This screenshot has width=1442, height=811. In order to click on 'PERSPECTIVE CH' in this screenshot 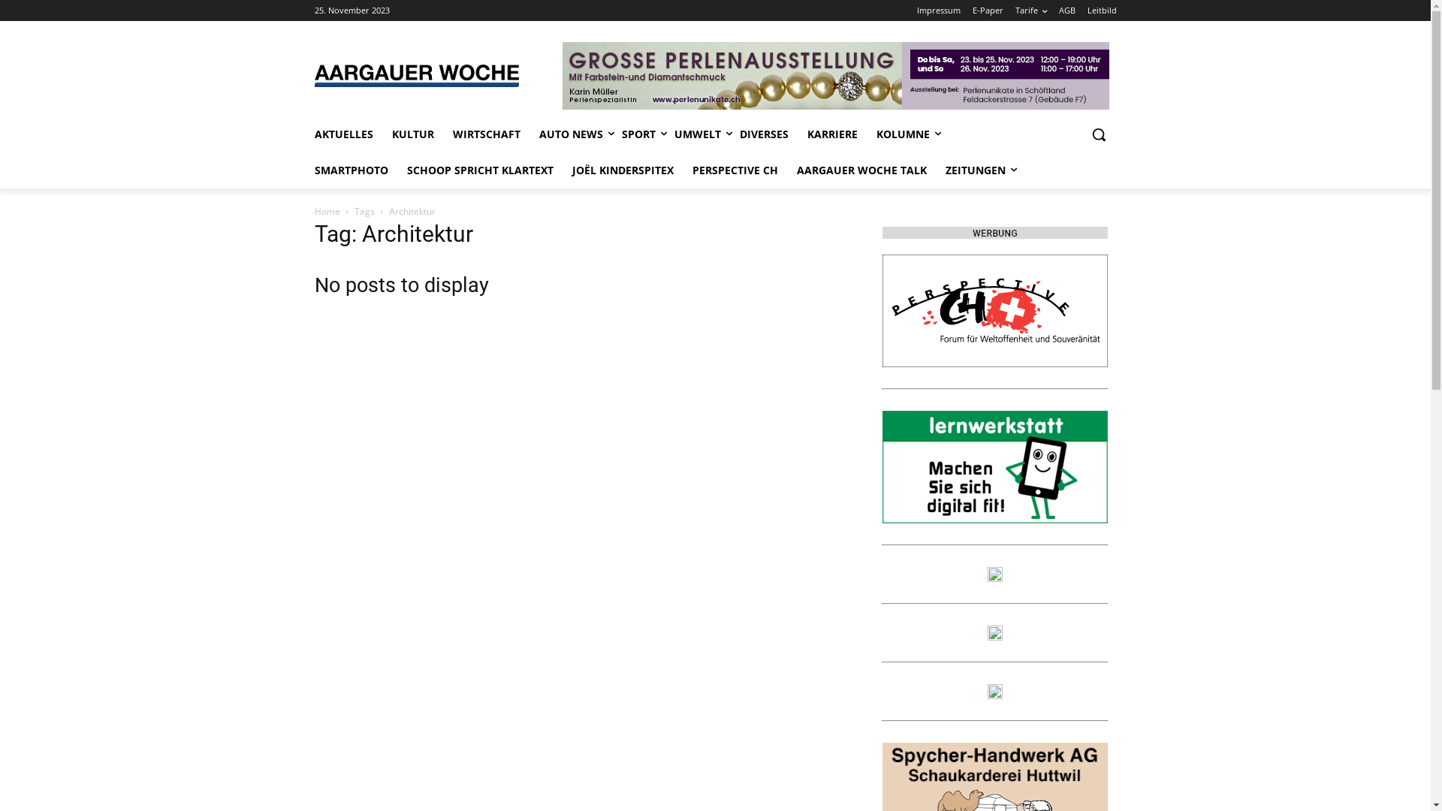, I will do `click(735, 170)`.